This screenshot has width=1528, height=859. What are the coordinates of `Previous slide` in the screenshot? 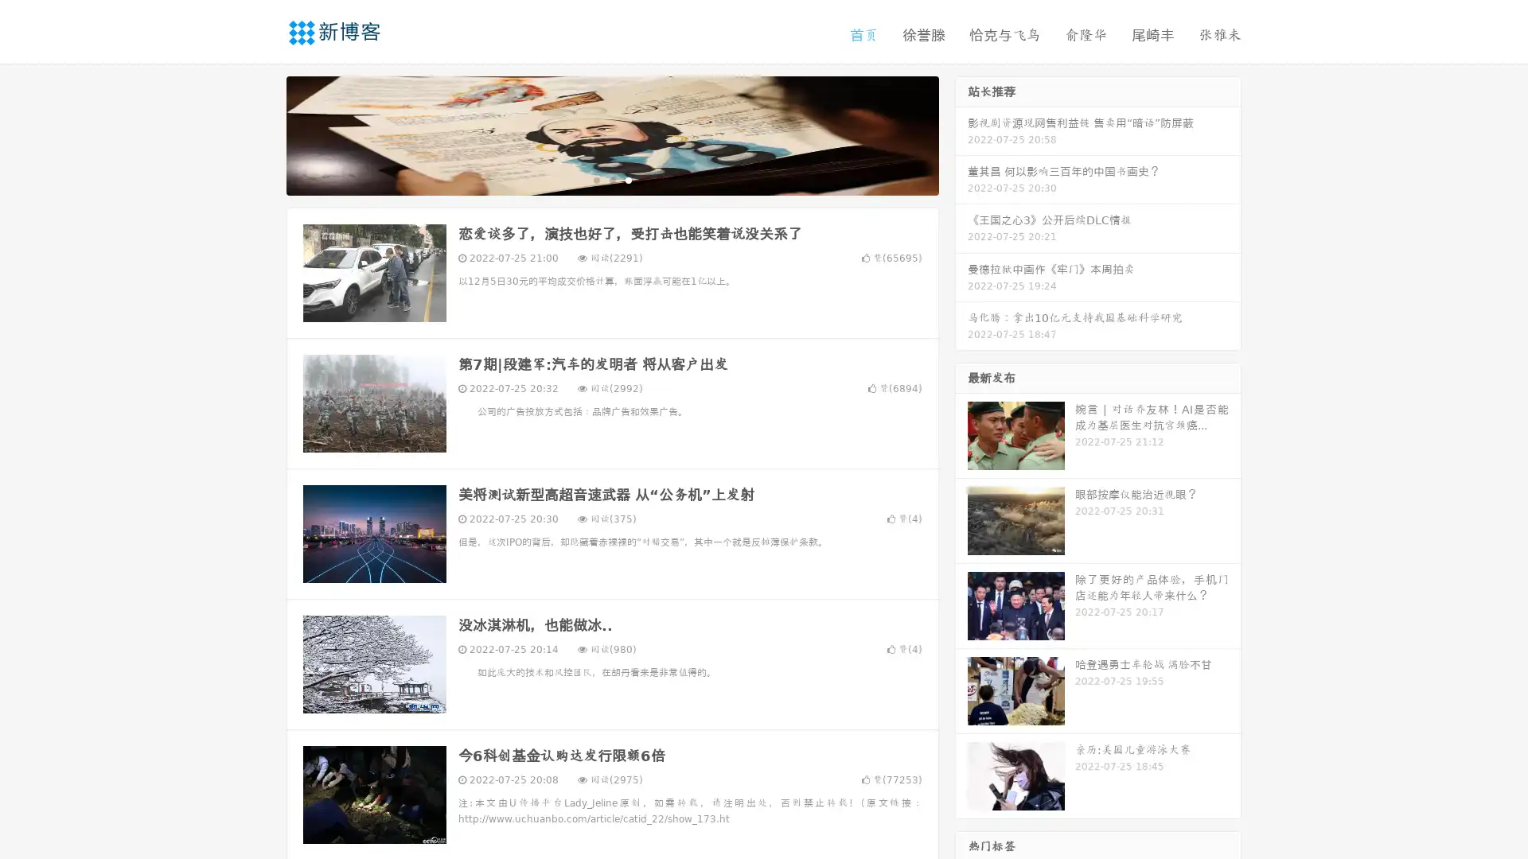 It's located at (263, 134).